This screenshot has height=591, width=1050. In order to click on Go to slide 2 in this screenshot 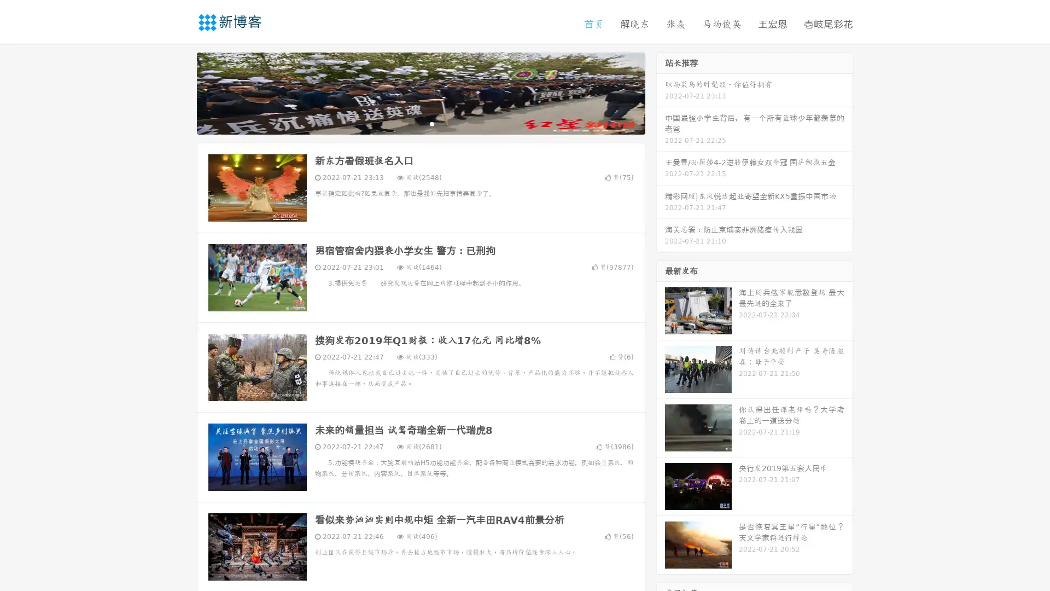, I will do `click(420, 123)`.